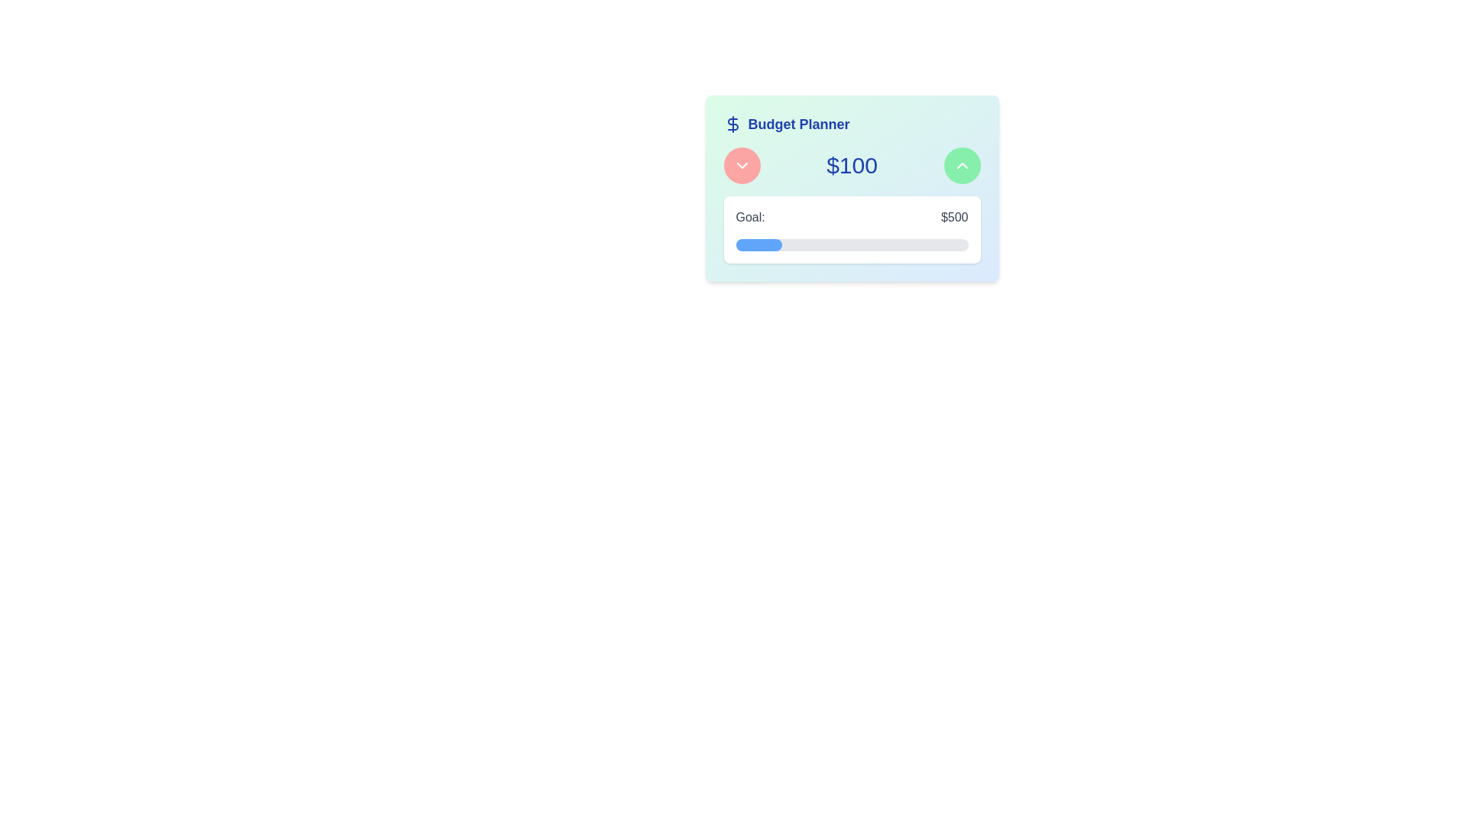 Image resolution: width=1468 pixels, height=825 pixels. What do you see at coordinates (742, 165) in the screenshot?
I see `the circular red button with a white chevron pointing downwards located on the left side of the budget planning interface` at bounding box center [742, 165].